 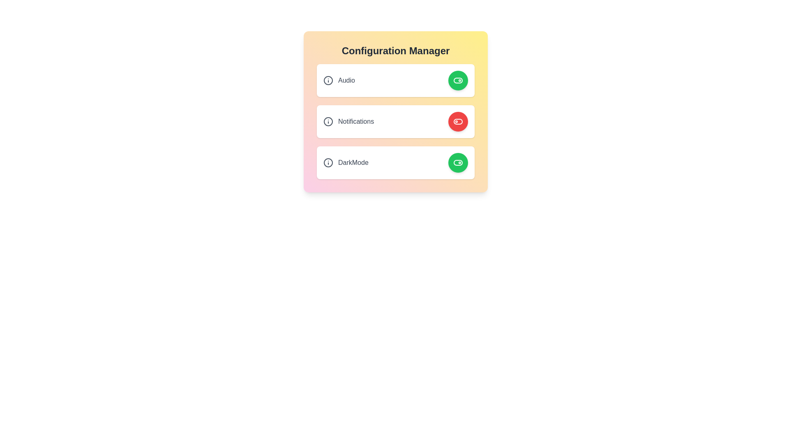 I want to click on the info icon for the DarkMode setting to read its description, so click(x=328, y=163).